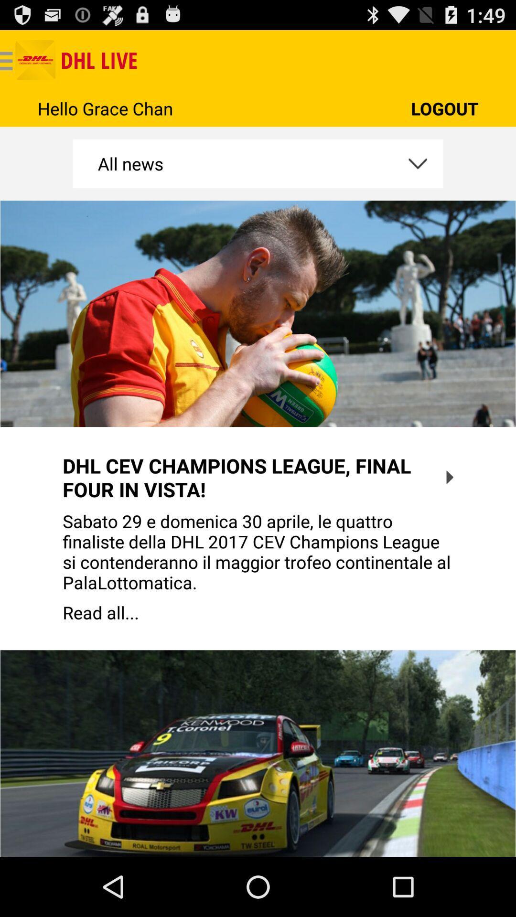 The image size is (516, 917). I want to click on item above sabato 29 e item, so click(450, 477).